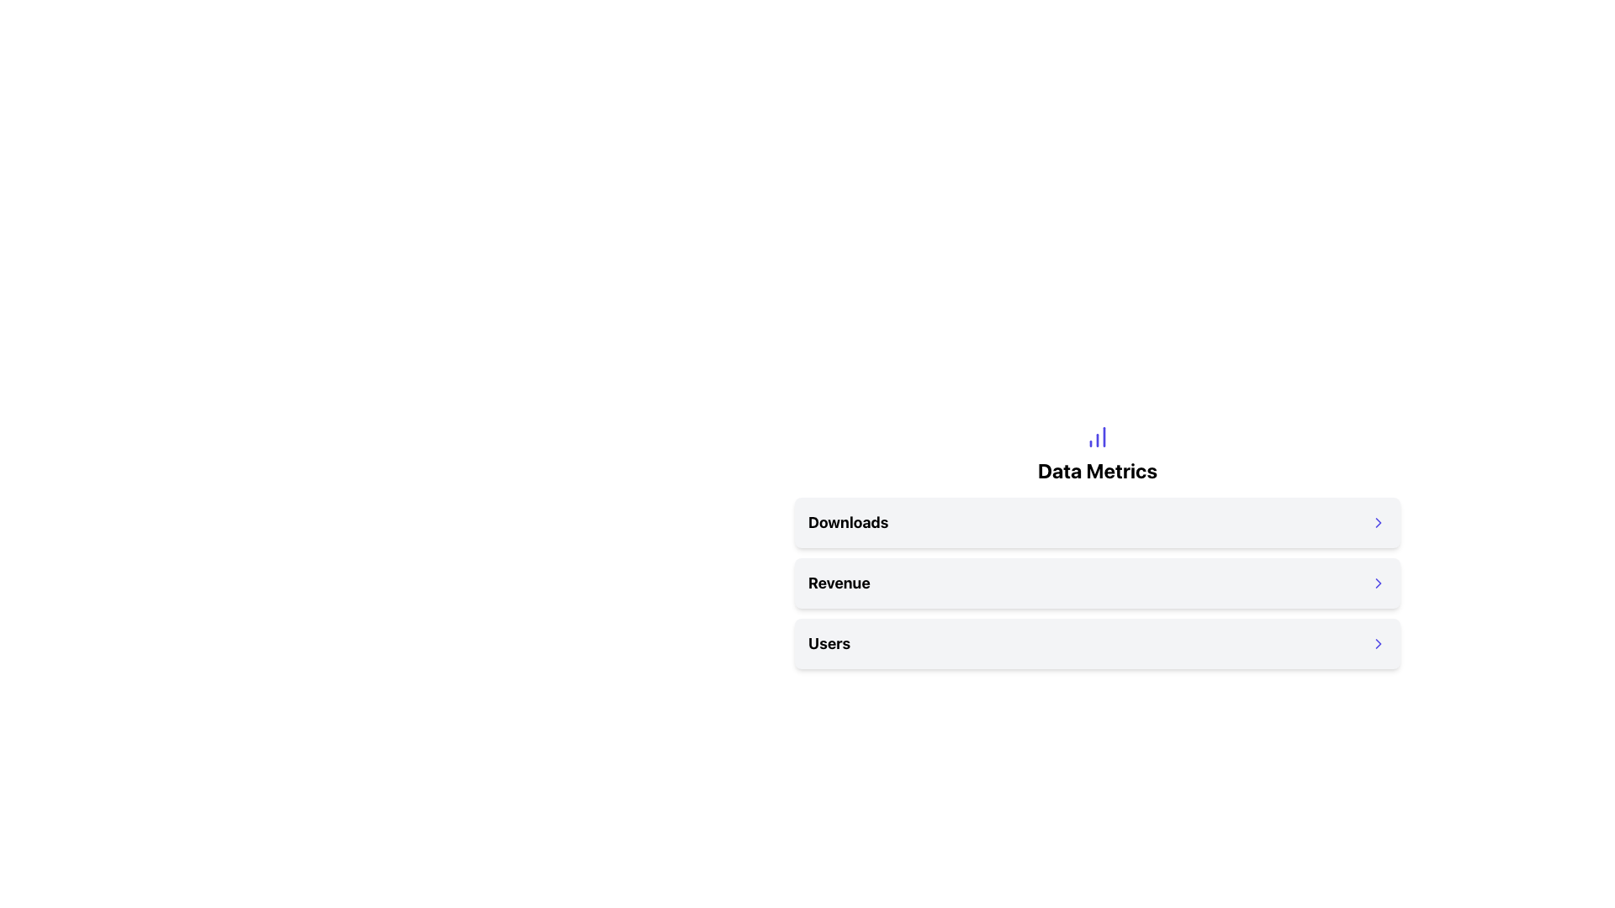 Image resolution: width=1615 pixels, height=908 pixels. I want to click on text of the Label that identifies the download section, positioned as the first item in the top row of the list, so click(848, 521).